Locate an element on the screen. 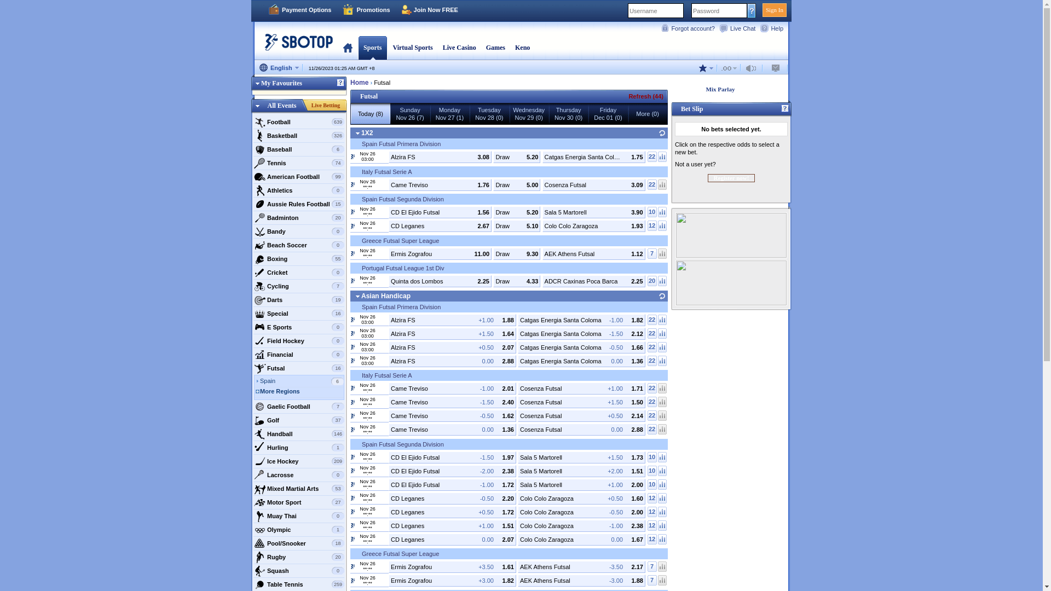 The width and height of the screenshot is (1051, 591). '12' is located at coordinates (652, 524).